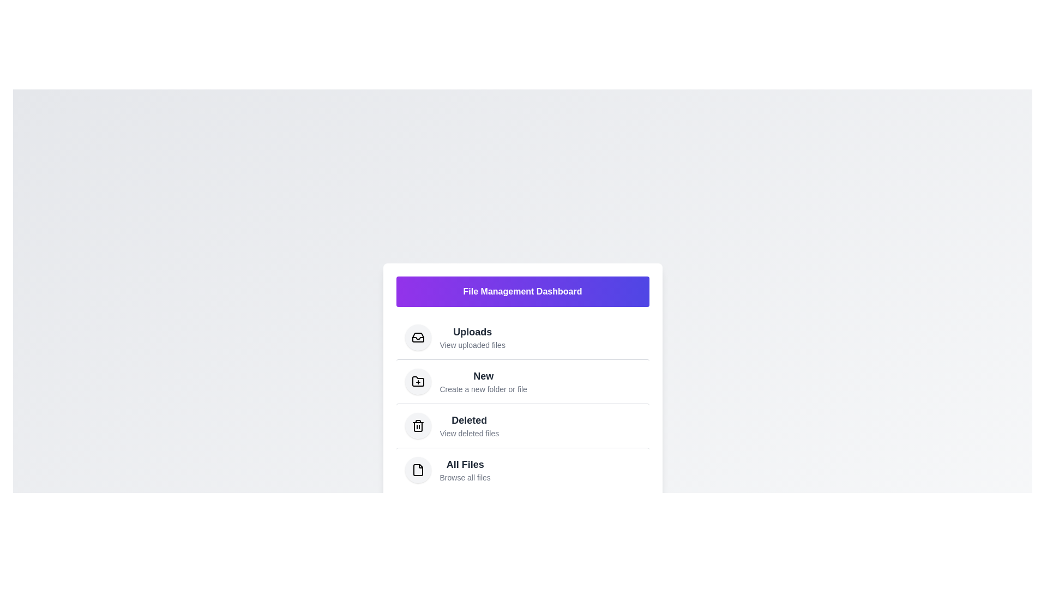  Describe the element at coordinates (472, 336) in the screenshot. I see `the menu item corresponding to Uploads to navigate to that section` at that location.